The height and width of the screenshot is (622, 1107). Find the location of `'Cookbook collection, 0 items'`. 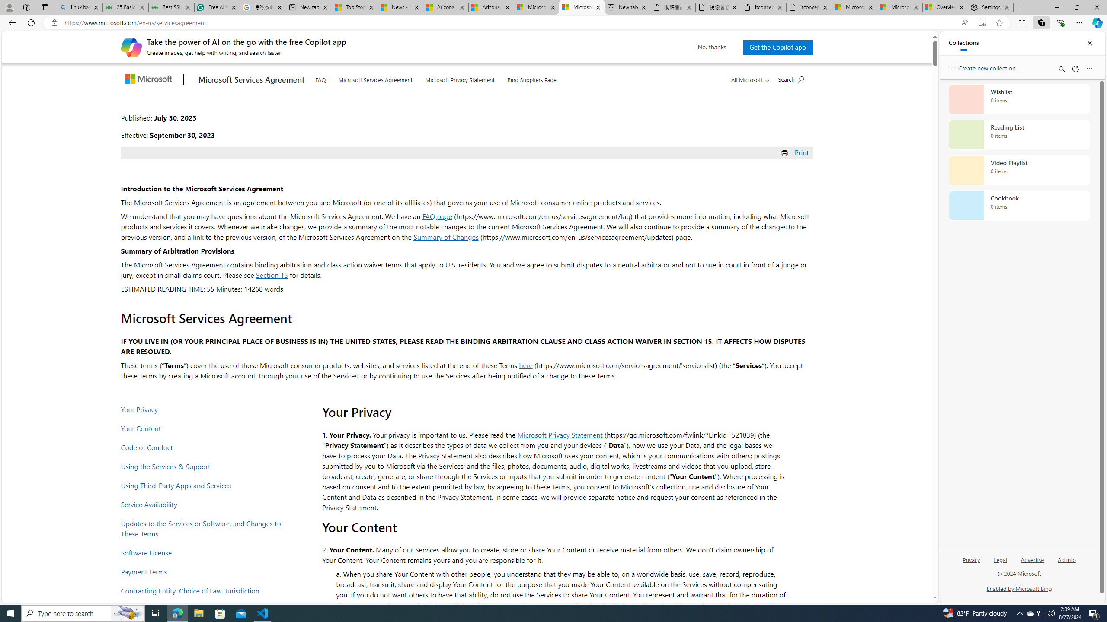

'Cookbook collection, 0 items' is located at coordinates (1019, 205).